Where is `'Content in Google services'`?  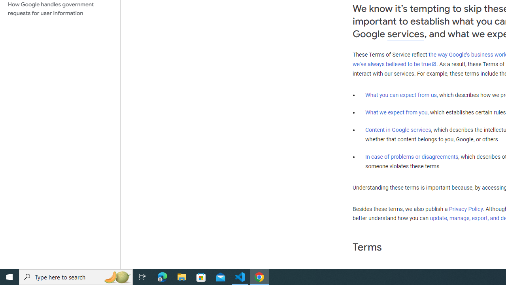
'Content in Google services' is located at coordinates (398, 129).